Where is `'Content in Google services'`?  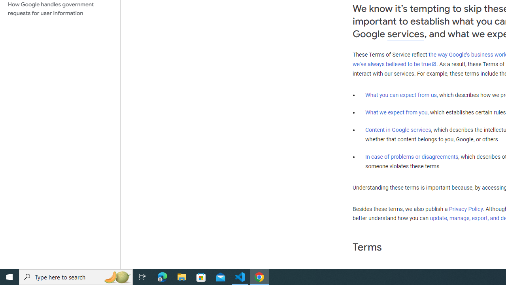
'Content in Google services' is located at coordinates (398, 129).